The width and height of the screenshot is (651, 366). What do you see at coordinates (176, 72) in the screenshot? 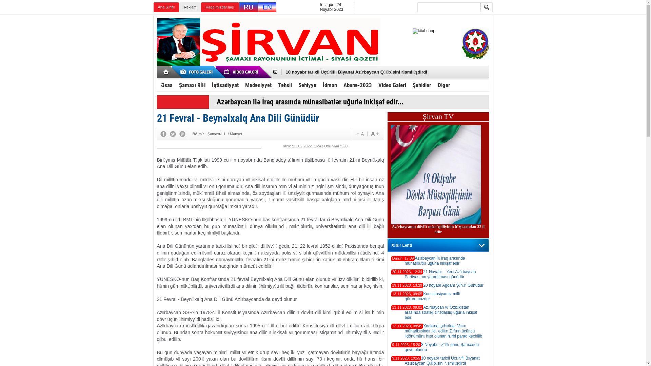
I see `'ELANLAR'` at bounding box center [176, 72].